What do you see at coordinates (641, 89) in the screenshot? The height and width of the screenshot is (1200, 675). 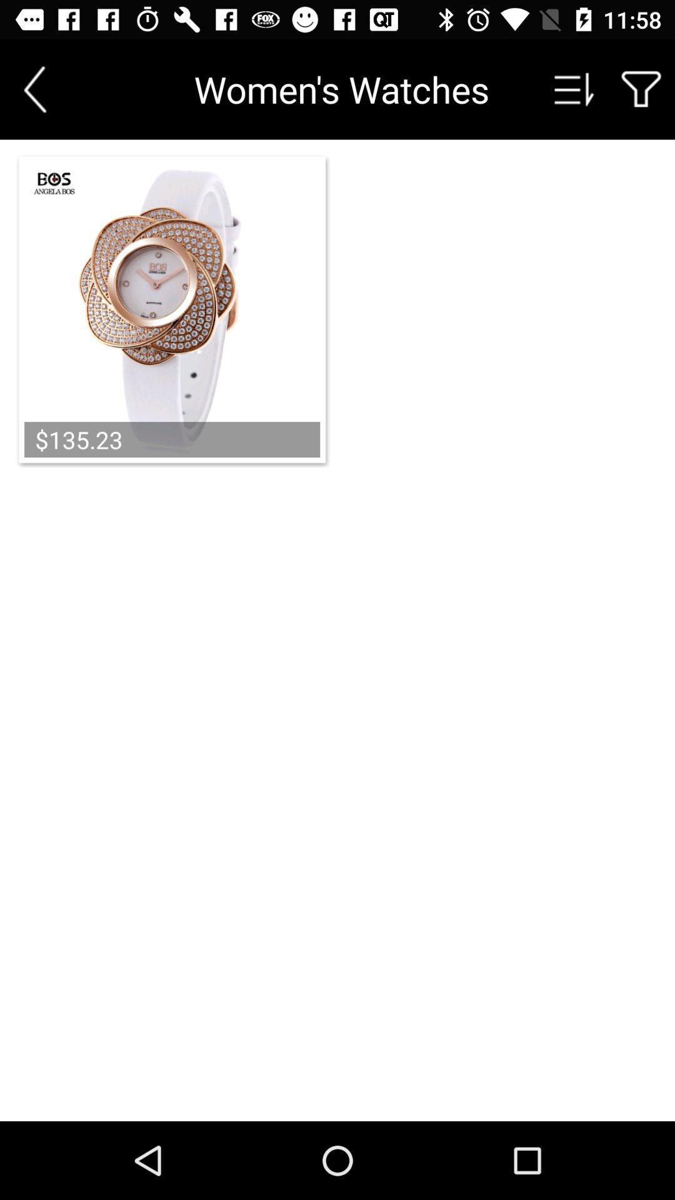 I see `the filter icon` at bounding box center [641, 89].